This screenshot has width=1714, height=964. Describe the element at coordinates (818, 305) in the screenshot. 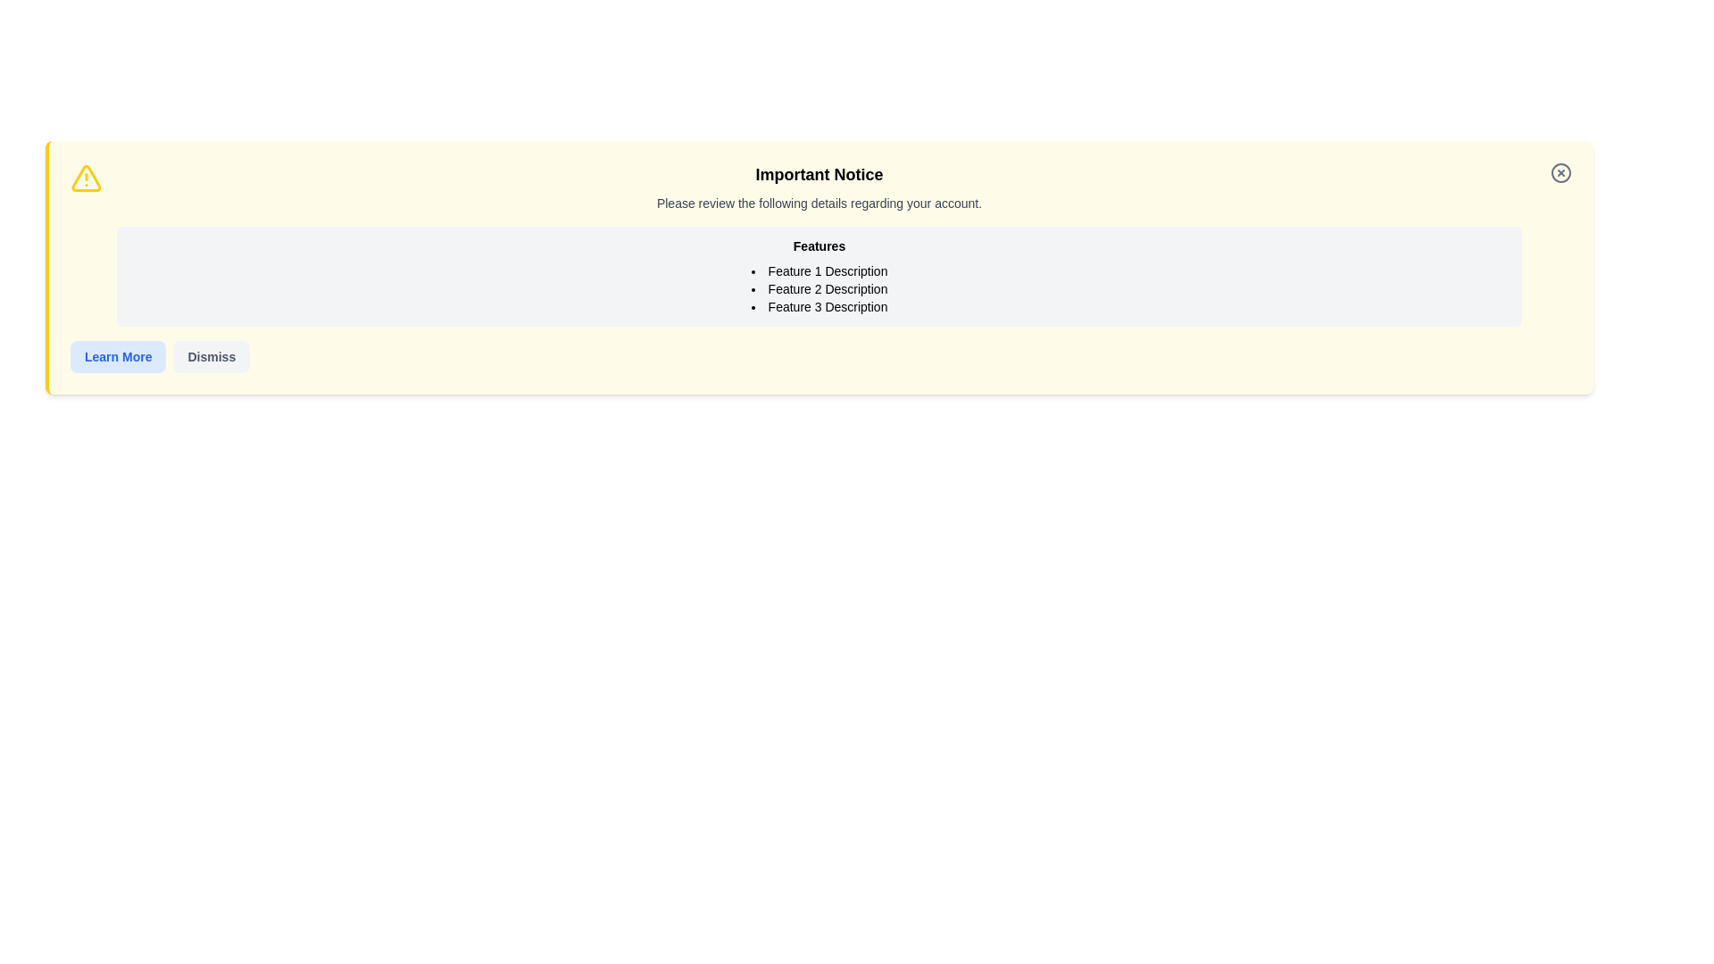

I see `the text of the third entry in the bulleted list under the heading 'Features', which displays descriptive text as part of the list` at that location.